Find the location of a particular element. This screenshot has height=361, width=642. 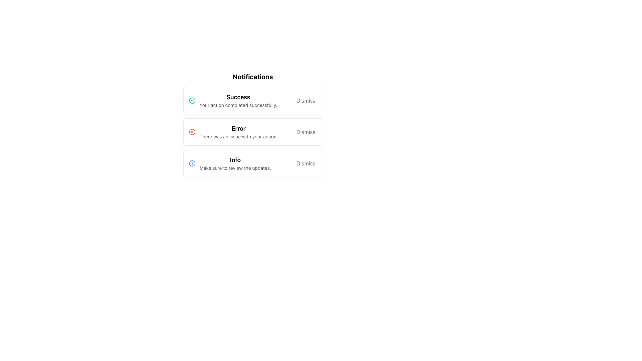

the text display containing the instruction 'Make sure to review the updates.' which is styled in gray color and located beneath the 'Info' title in the third notification card is located at coordinates (235, 167).